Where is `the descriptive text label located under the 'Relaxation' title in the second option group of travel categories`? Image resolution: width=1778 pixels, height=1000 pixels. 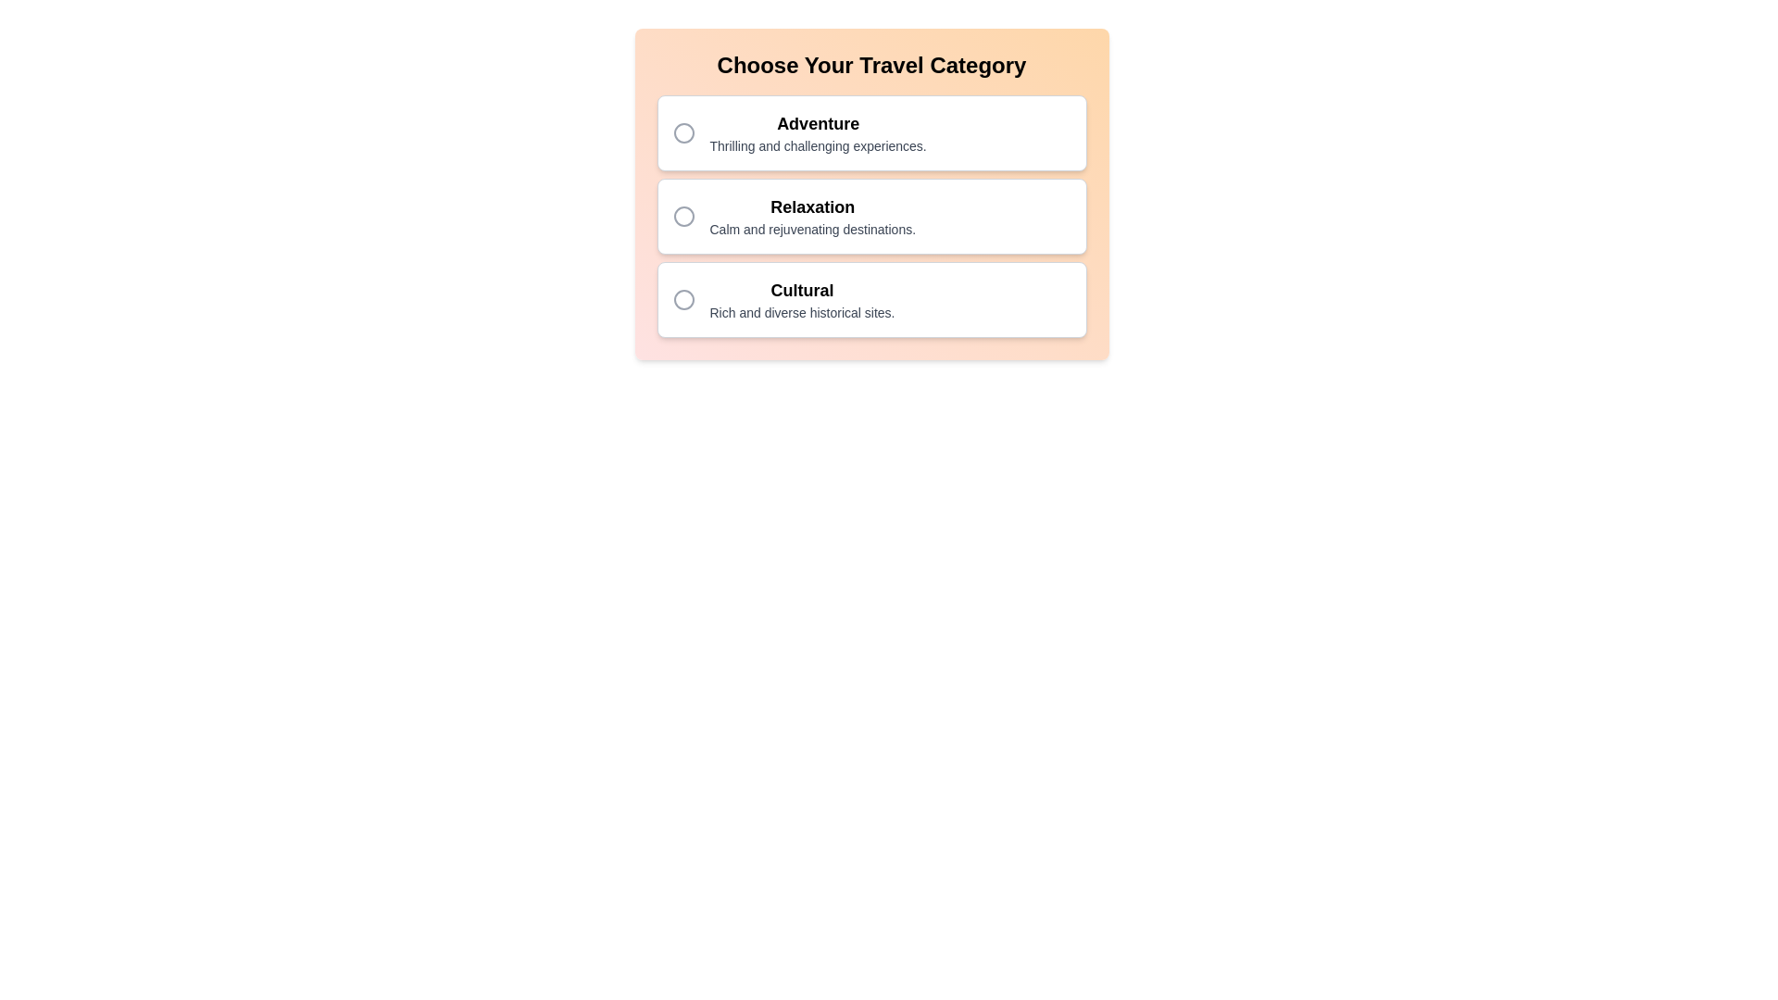 the descriptive text label located under the 'Relaxation' title in the second option group of travel categories is located at coordinates (812, 228).